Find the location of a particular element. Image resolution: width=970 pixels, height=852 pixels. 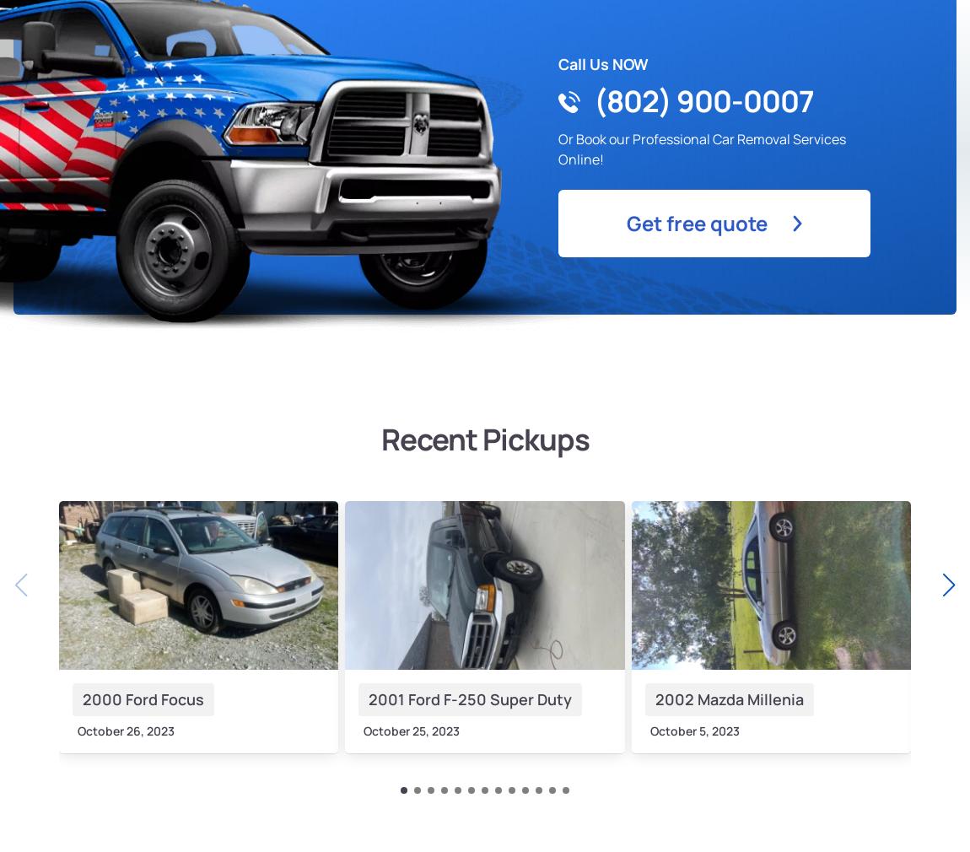

'2000 Ford Focus' is located at coordinates (142, 698).